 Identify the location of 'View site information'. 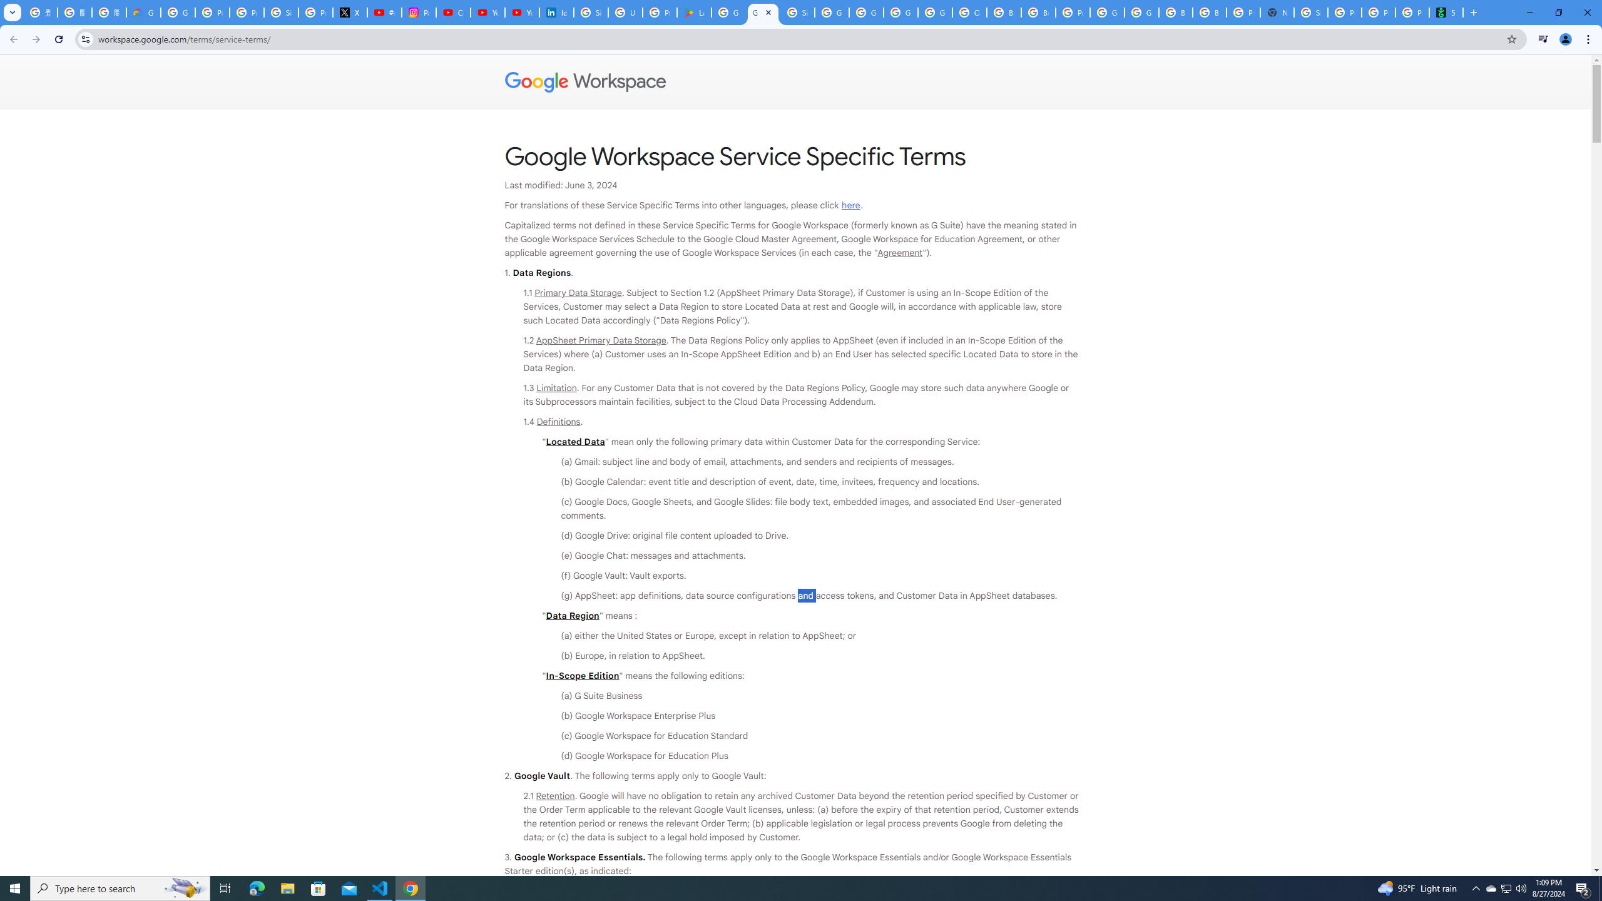
(84, 38).